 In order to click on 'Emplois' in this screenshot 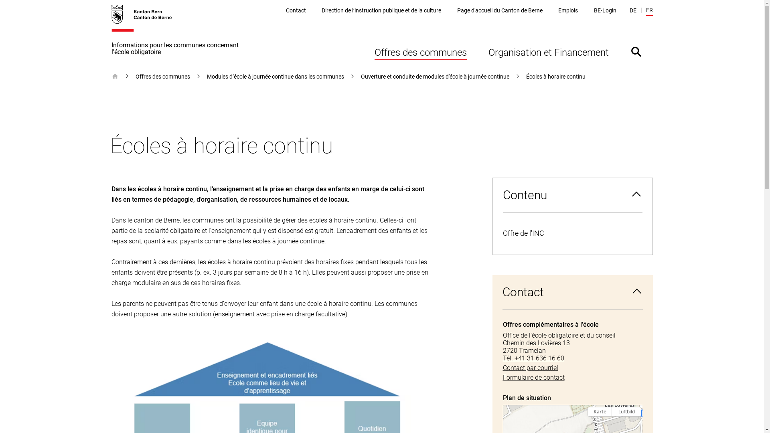, I will do `click(567, 10)`.